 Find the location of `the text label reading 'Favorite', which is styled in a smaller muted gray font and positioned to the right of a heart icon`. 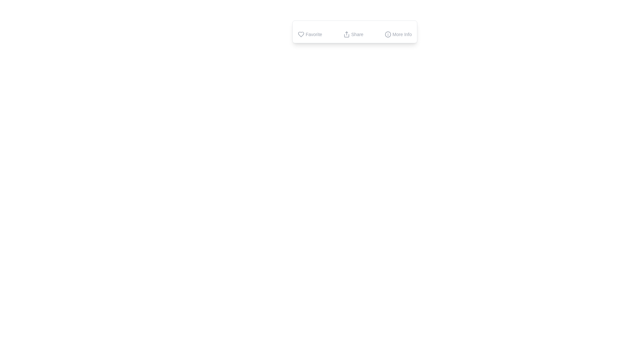

the text label reading 'Favorite', which is styled in a smaller muted gray font and positioned to the right of a heart icon is located at coordinates (314, 34).